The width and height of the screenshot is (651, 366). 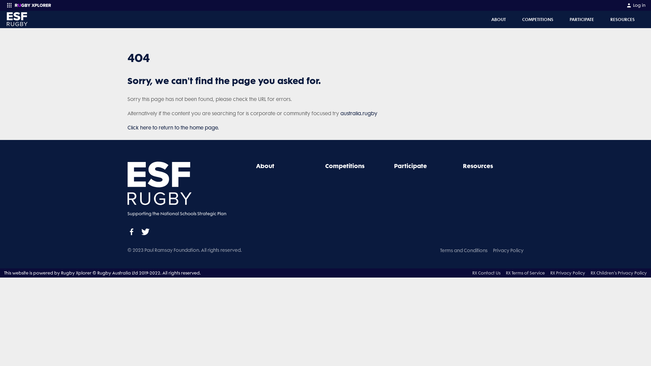 What do you see at coordinates (477, 166) in the screenshot?
I see `'Resources'` at bounding box center [477, 166].